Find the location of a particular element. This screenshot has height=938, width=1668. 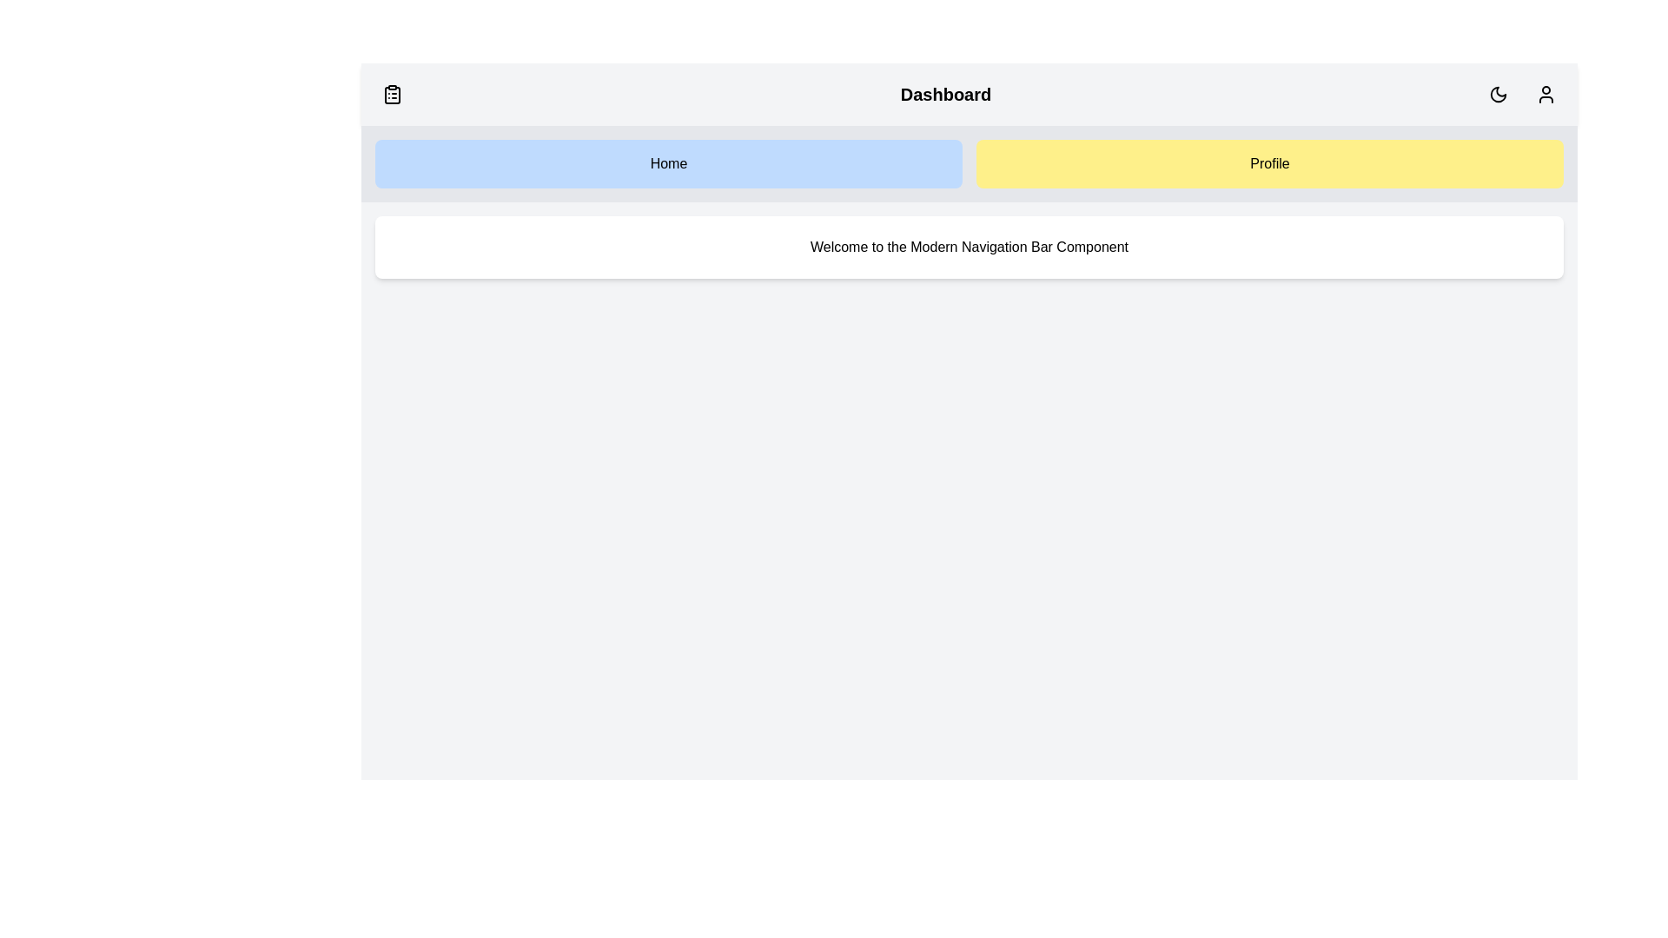

theme toggle button in the top-right corner of the navigation bar is located at coordinates (1497, 94).